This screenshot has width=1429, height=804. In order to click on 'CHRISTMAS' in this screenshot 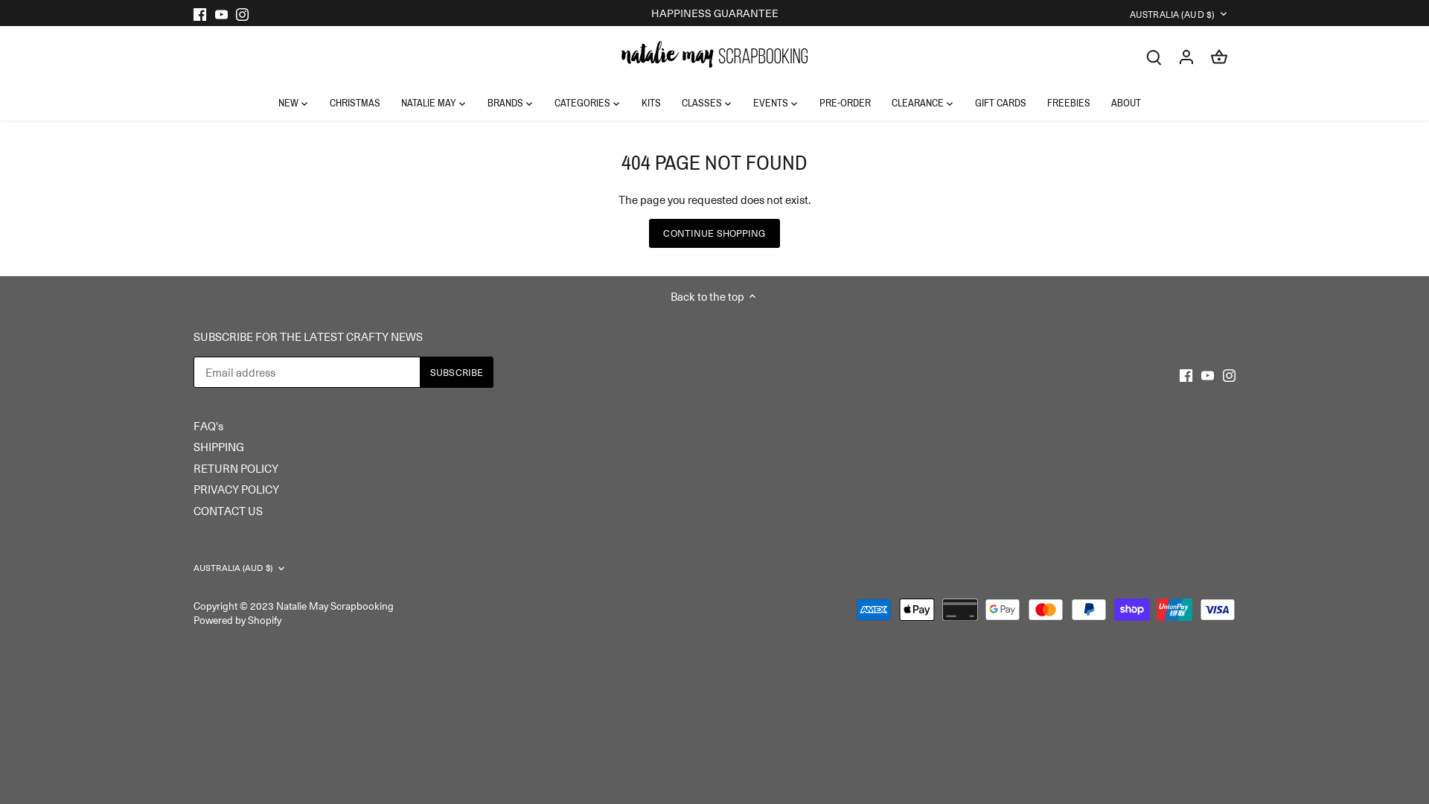, I will do `click(353, 102)`.